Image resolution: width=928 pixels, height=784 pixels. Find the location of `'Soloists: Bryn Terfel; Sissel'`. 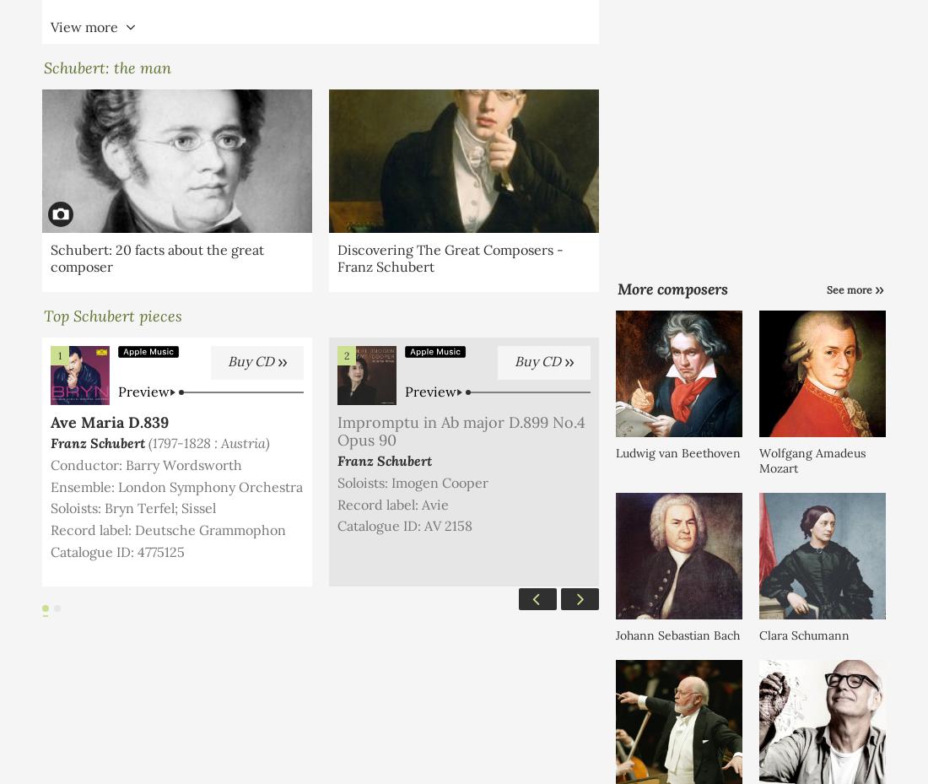

'Soloists: Bryn Terfel; Sissel' is located at coordinates (49, 506).